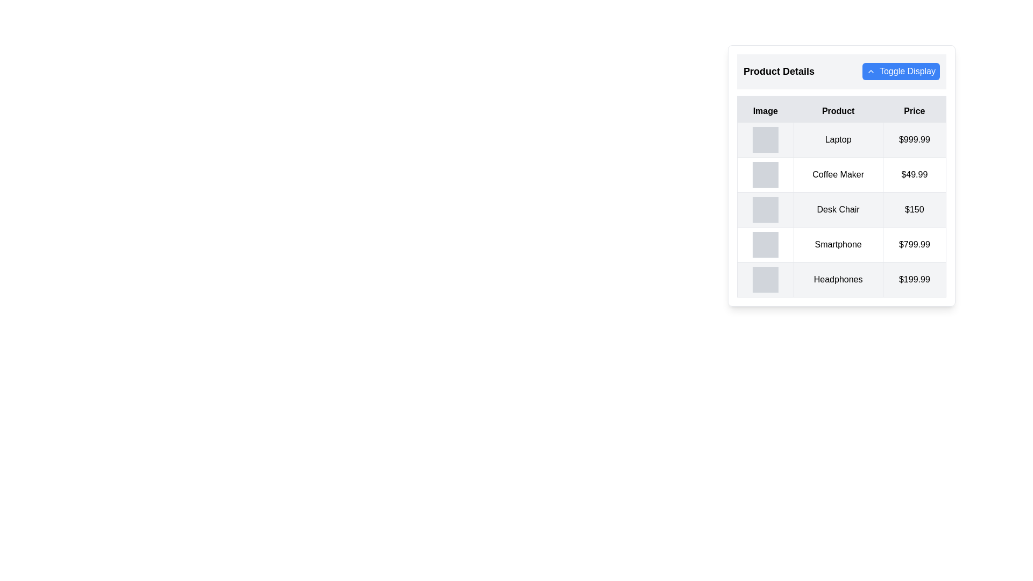 The image size is (1033, 581). What do you see at coordinates (838, 109) in the screenshot?
I see `the Table Header Cell labeled 'Product'` at bounding box center [838, 109].